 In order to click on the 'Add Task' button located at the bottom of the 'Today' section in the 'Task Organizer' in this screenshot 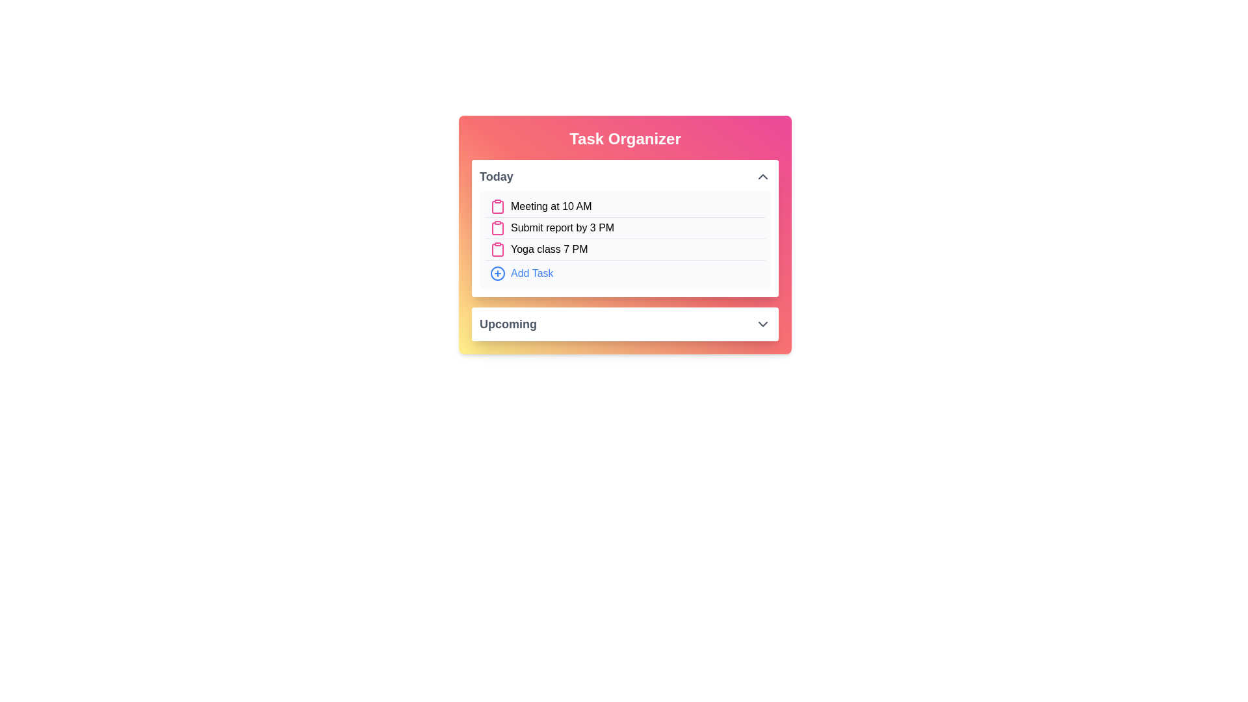, I will do `click(625, 272)`.